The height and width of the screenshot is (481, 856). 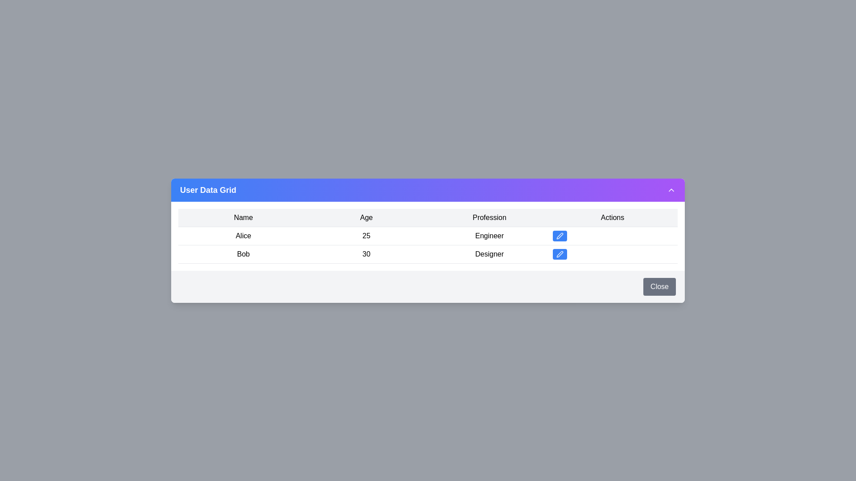 I want to click on the text label displaying the name 'Alice' in the data grid under the 'Name' column, so click(x=243, y=235).